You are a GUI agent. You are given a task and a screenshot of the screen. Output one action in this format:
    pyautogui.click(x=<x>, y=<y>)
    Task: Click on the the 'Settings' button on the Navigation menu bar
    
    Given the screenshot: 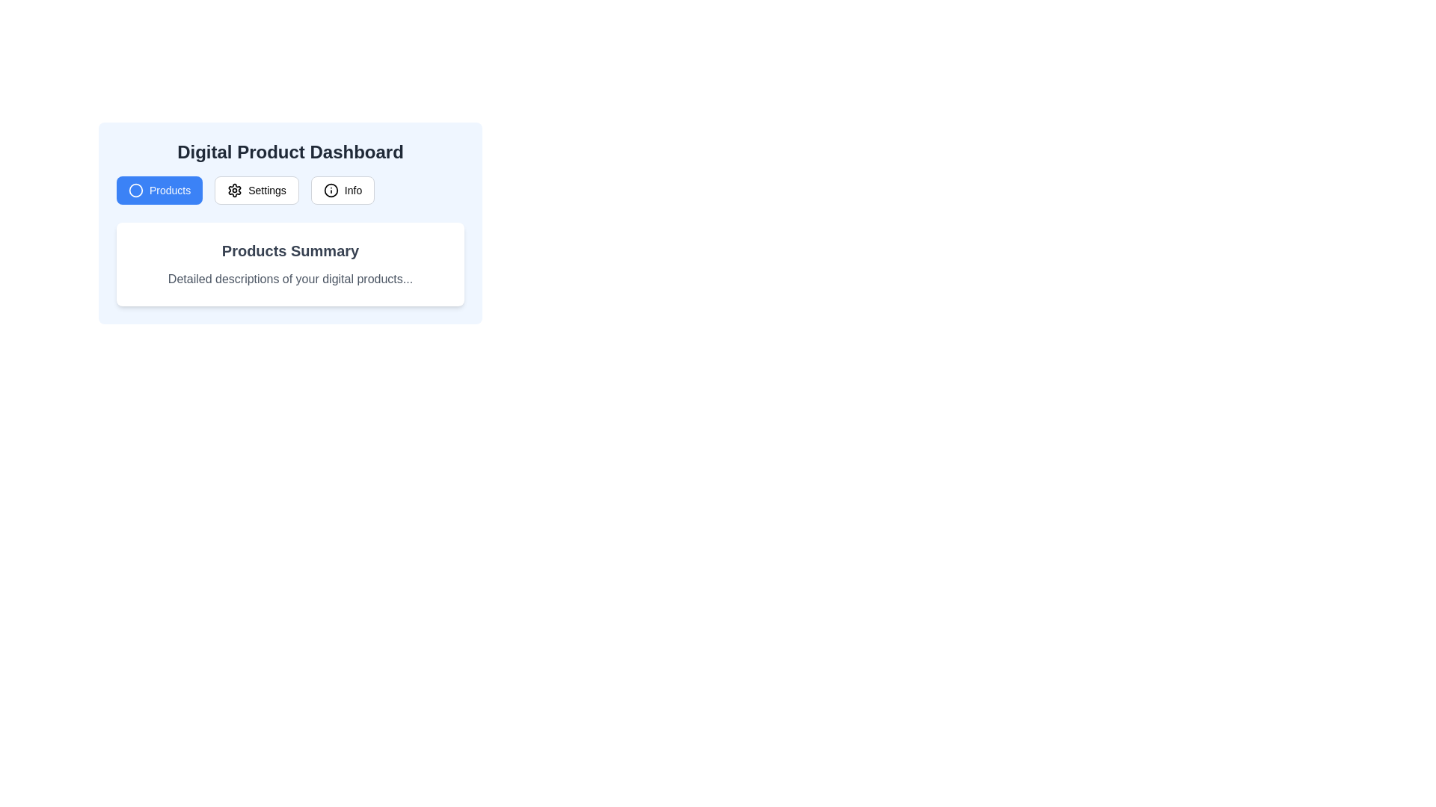 What is the action you would take?
    pyautogui.click(x=290, y=189)
    